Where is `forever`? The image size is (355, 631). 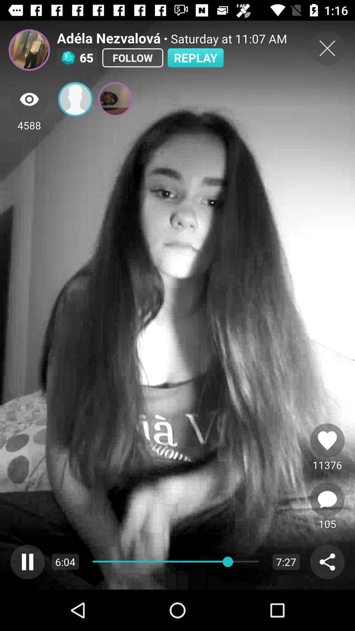
forever is located at coordinates (327, 440).